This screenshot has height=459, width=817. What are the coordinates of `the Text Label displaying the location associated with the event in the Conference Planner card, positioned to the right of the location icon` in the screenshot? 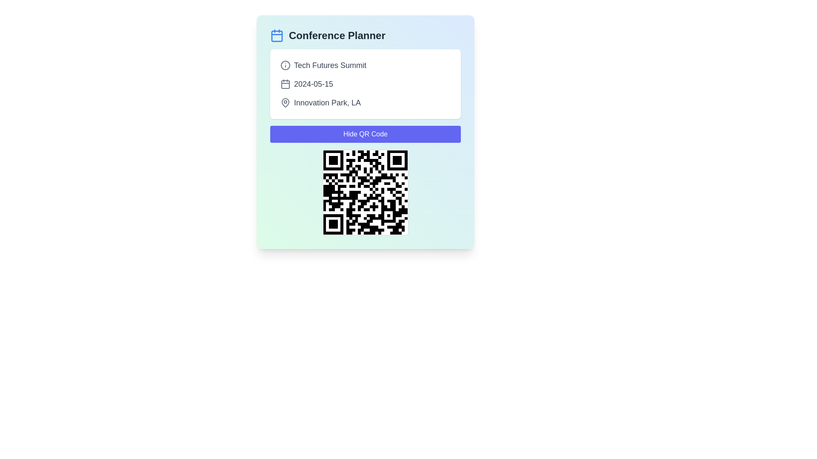 It's located at (327, 102).